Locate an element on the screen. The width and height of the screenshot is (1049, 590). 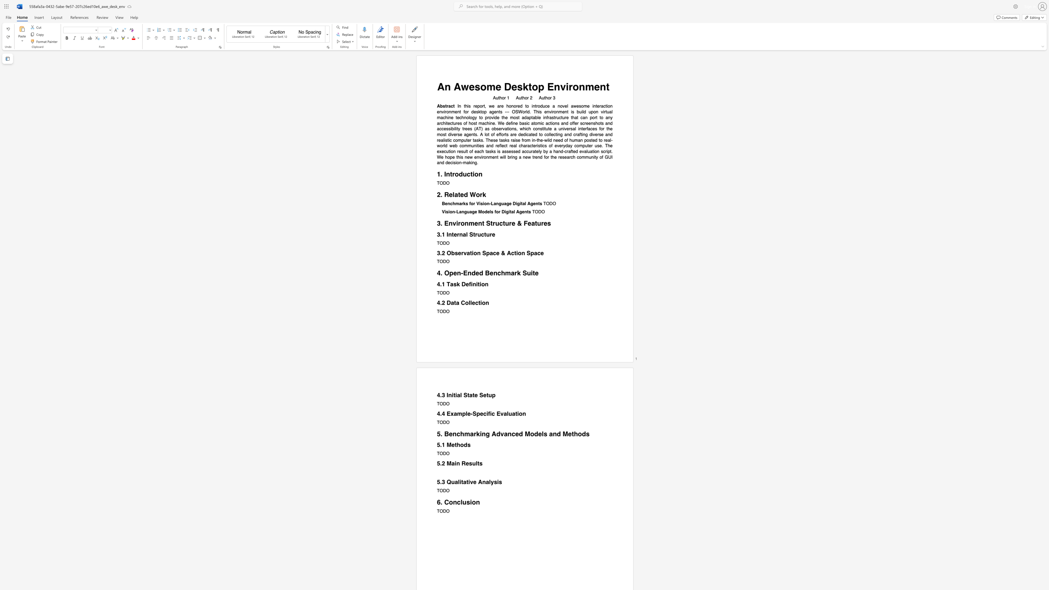
the 2th character "i" in the text is located at coordinates (516, 253).